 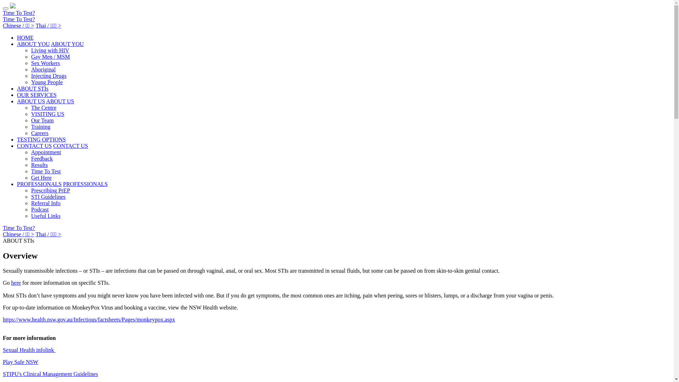 I want to click on 'Time To Test?', so click(x=3, y=13).